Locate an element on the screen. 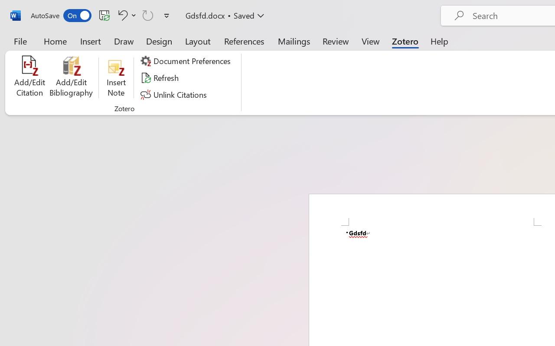  'Add/Edit Citation' is located at coordinates (29, 77).